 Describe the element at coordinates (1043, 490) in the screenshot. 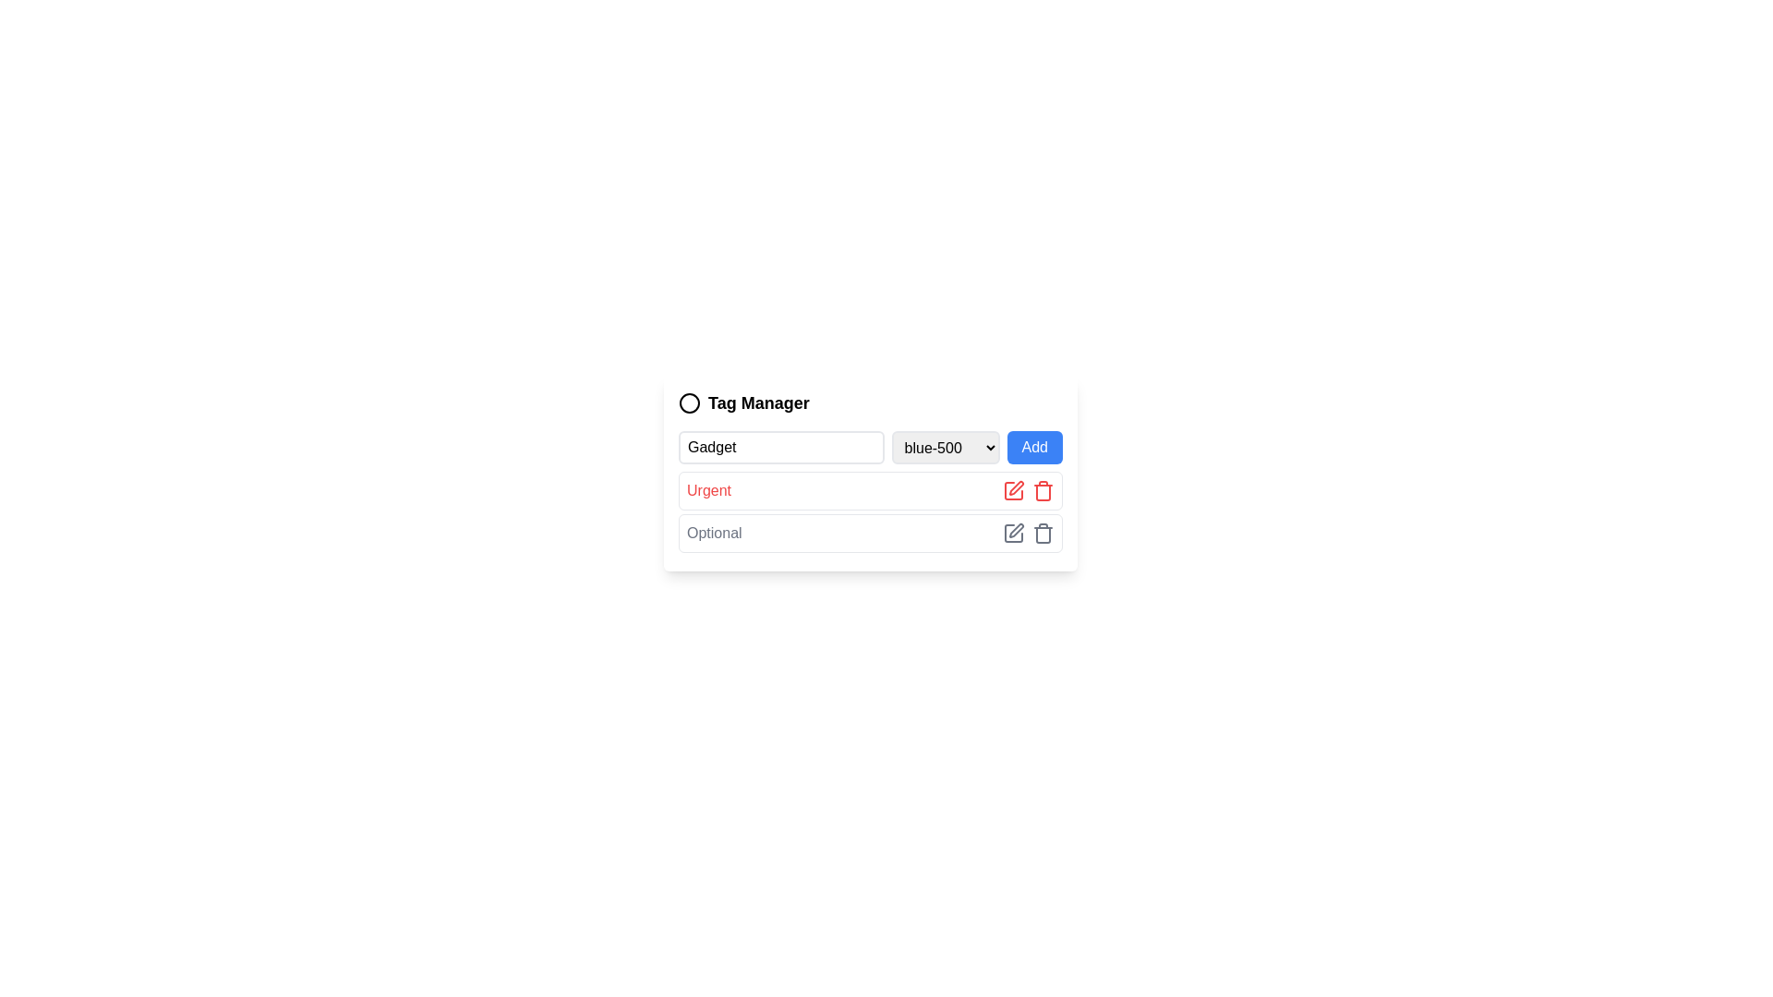

I see `the trash icon button, which is the rightmost icon in the group associated with managing tags` at that location.